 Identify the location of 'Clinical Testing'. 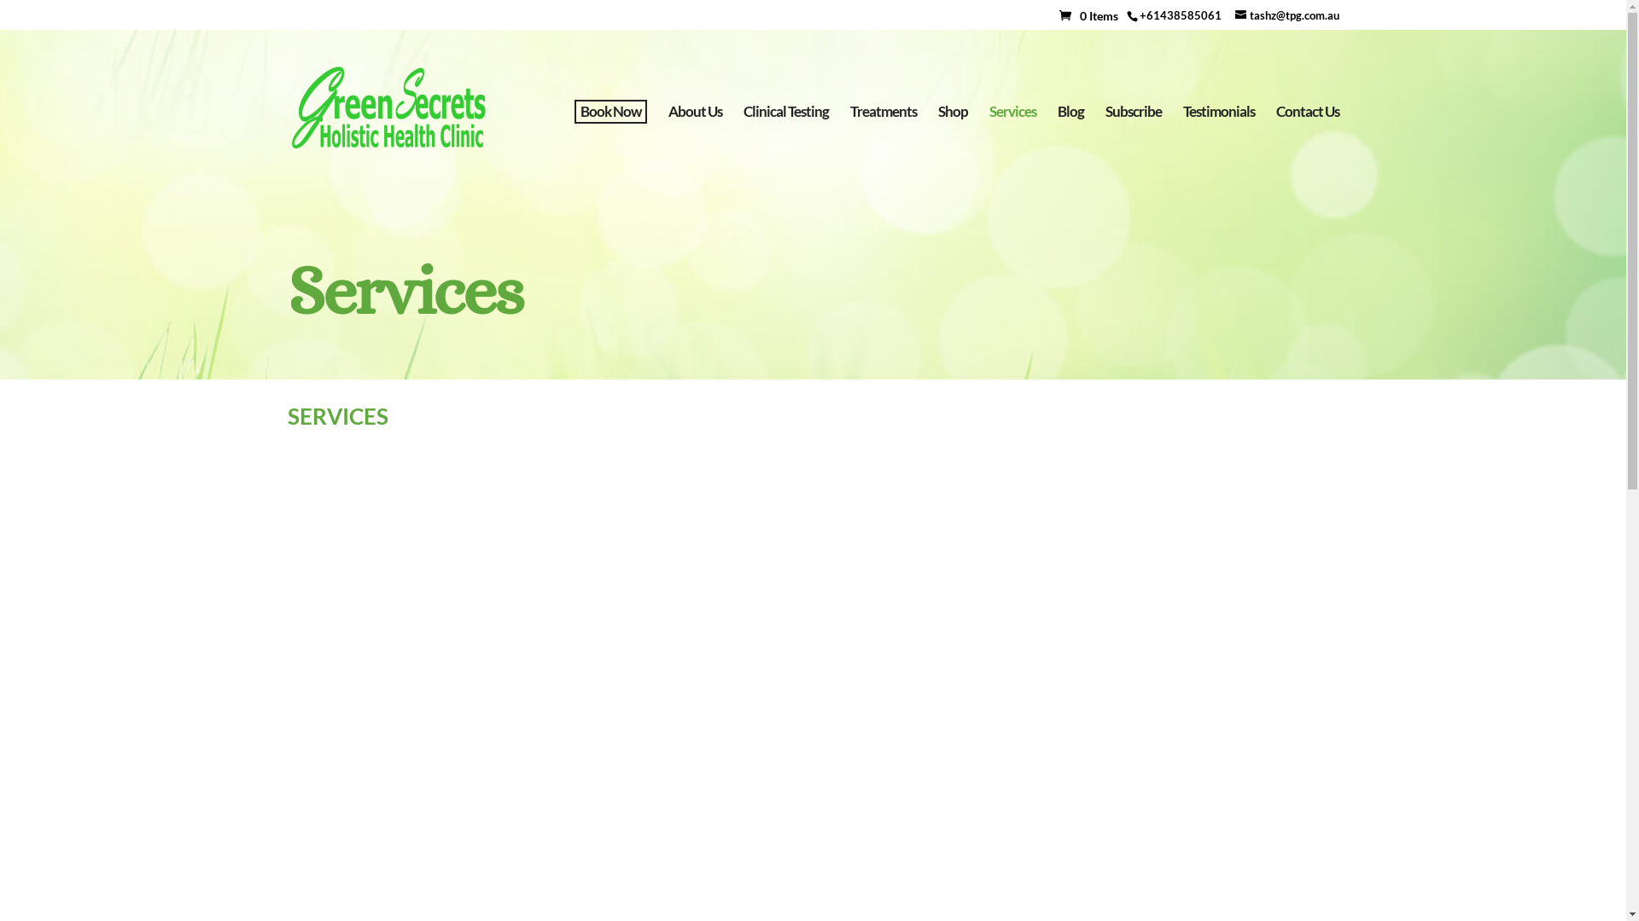
(785, 146).